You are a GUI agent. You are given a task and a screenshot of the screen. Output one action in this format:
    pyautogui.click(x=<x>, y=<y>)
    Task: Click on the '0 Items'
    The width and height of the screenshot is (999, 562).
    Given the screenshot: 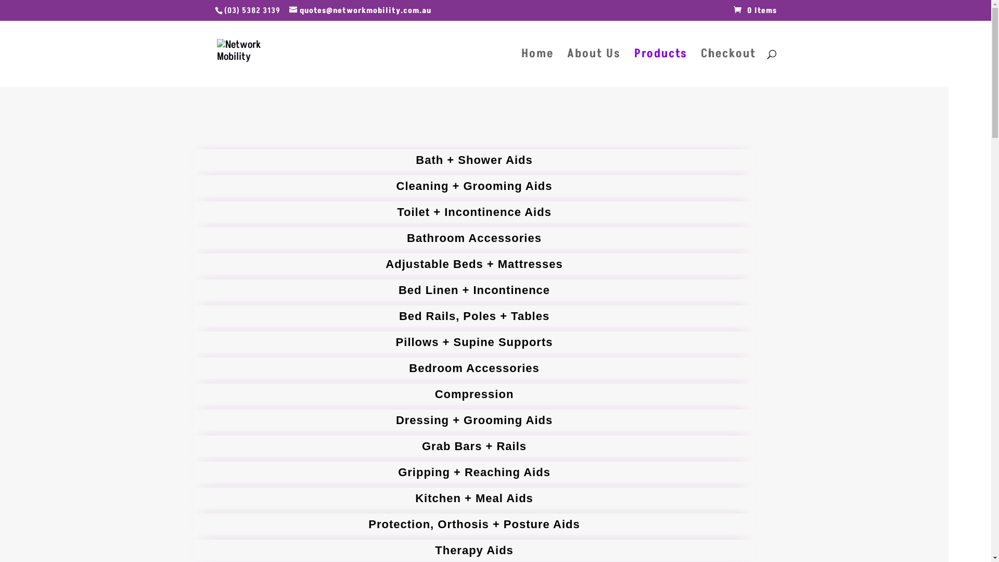 What is the action you would take?
    pyautogui.click(x=755, y=10)
    